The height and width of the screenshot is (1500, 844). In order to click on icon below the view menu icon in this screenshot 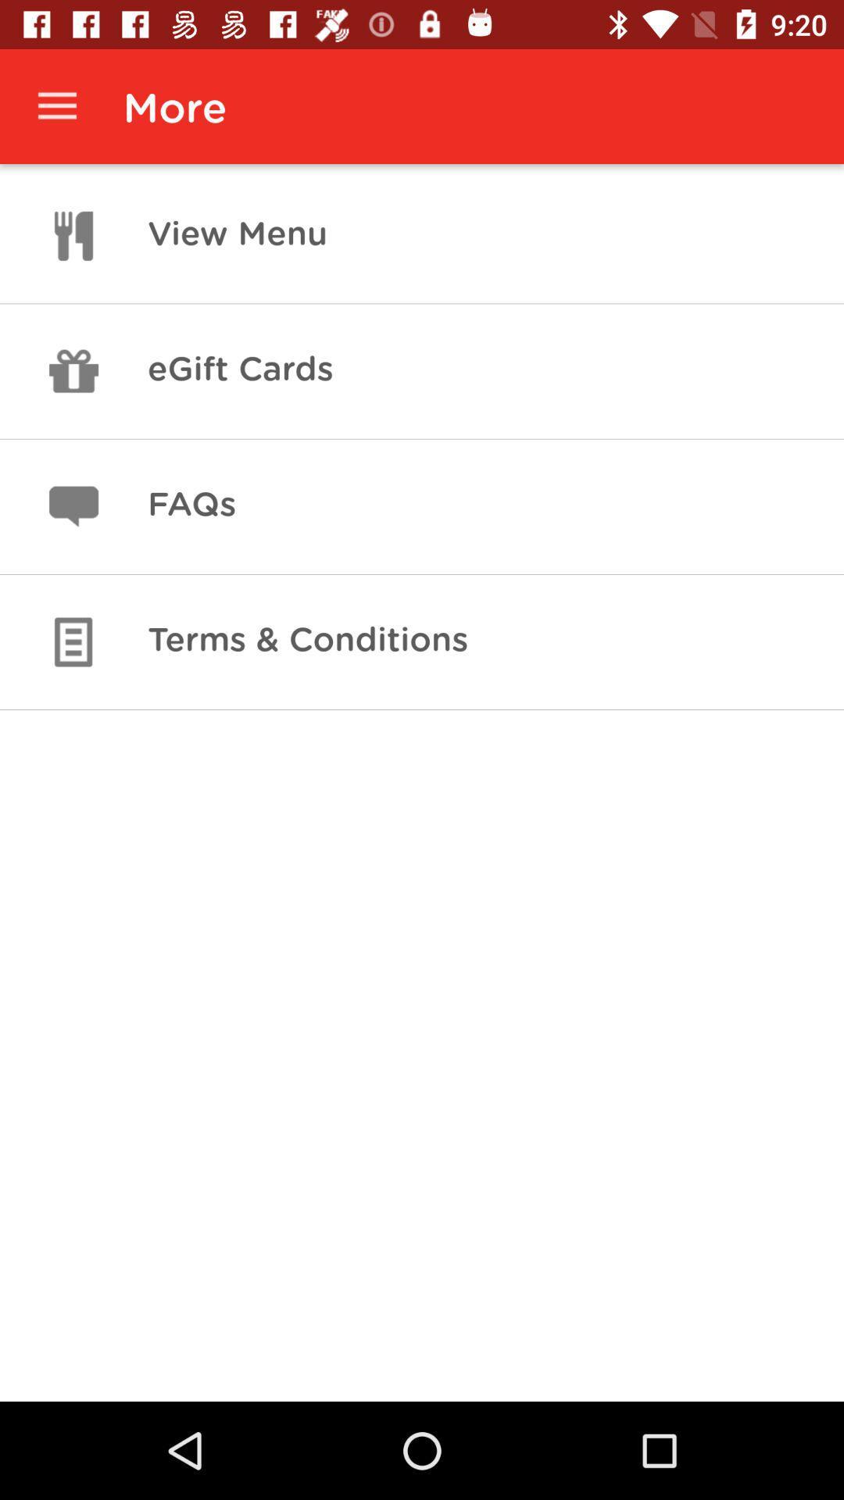, I will do `click(240, 370)`.